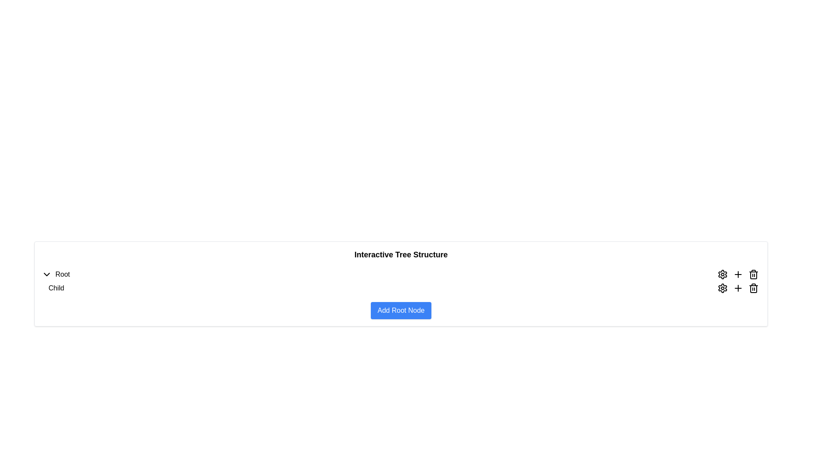 The image size is (825, 464). What do you see at coordinates (738, 288) in the screenshot?
I see `the interactive button for adding new items located in the top-right portion of the panel` at bounding box center [738, 288].